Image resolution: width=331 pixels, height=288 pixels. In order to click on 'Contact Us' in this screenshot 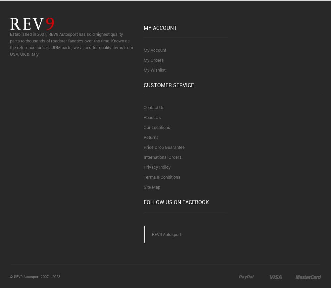, I will do `click(154, 107)`.